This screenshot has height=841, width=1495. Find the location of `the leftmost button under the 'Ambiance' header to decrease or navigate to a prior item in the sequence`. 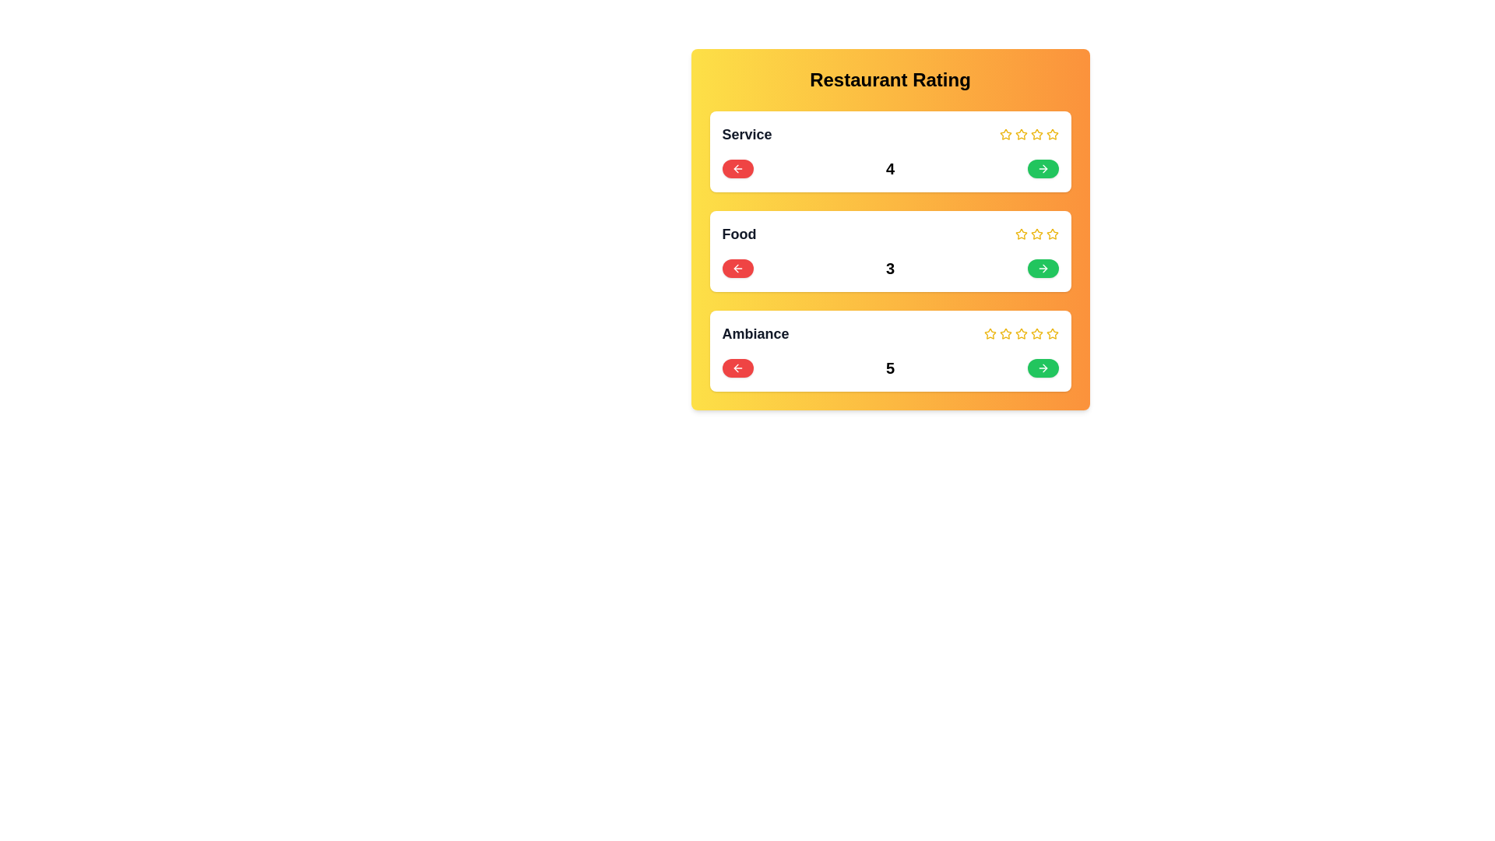

the leftmost button under the 'Ambiance' header to decrease or navigate to a prior item in the sequence is located at coordinates (737, 368).